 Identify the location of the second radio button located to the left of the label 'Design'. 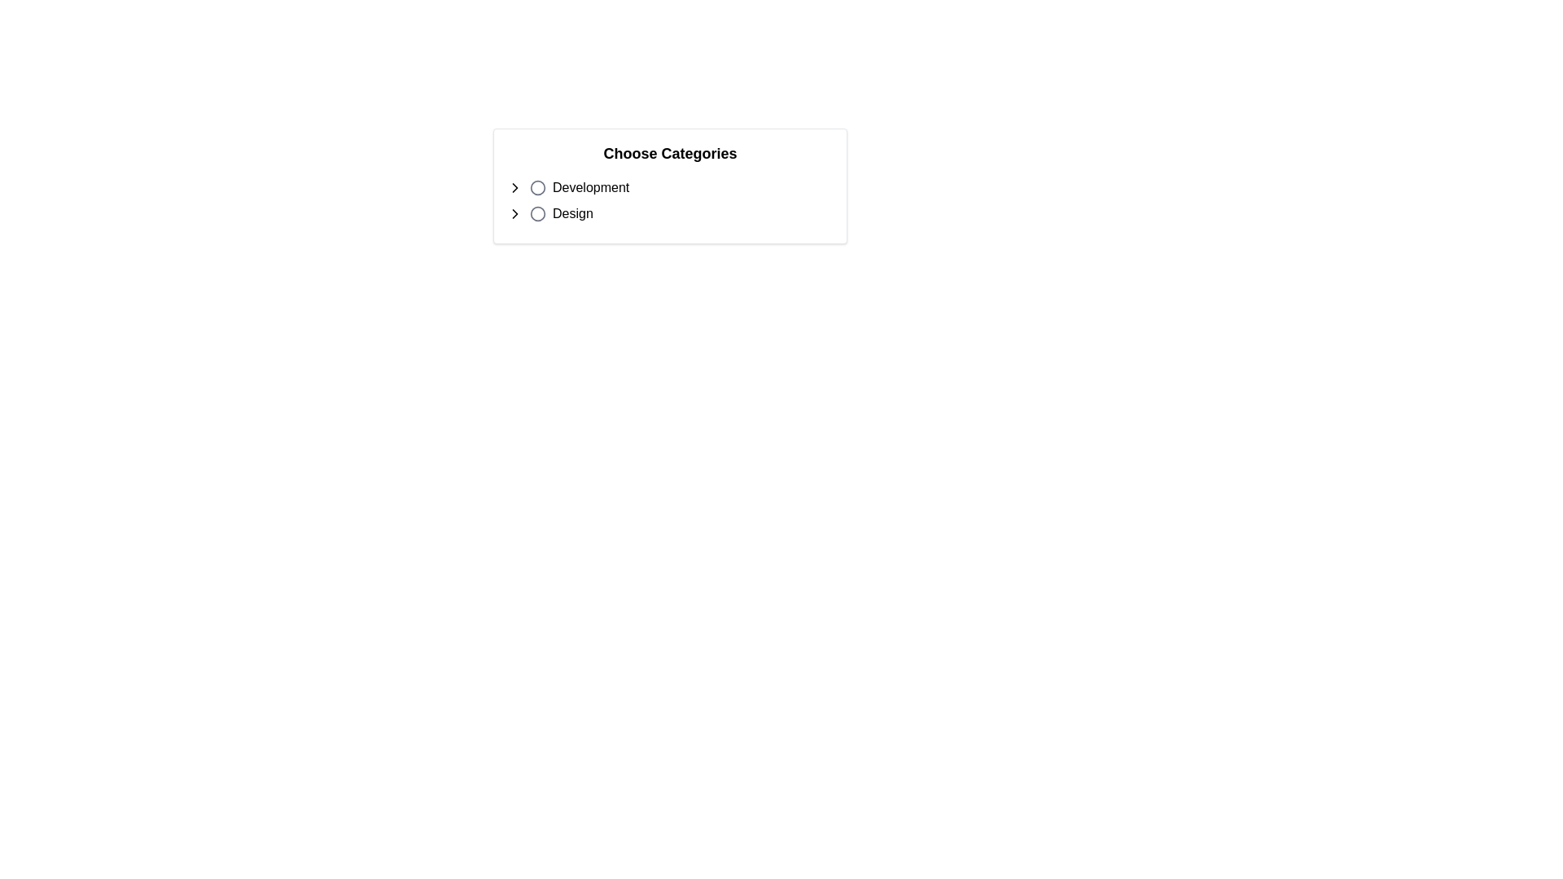
(538, 212).